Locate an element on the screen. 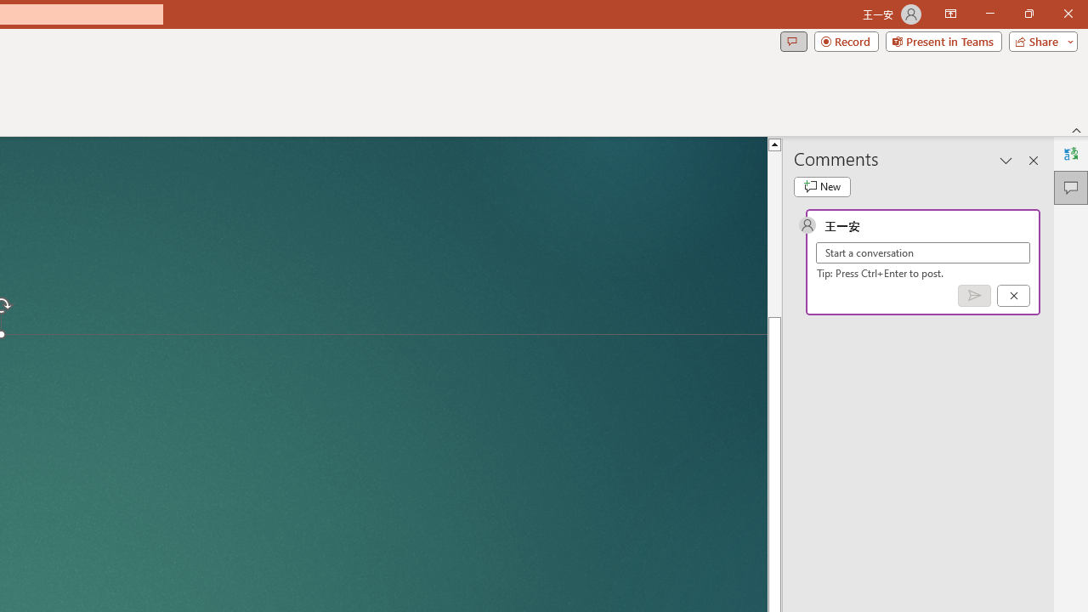  'Post comment (Ctrl + Enter)' is located at coordinates (974, 294).